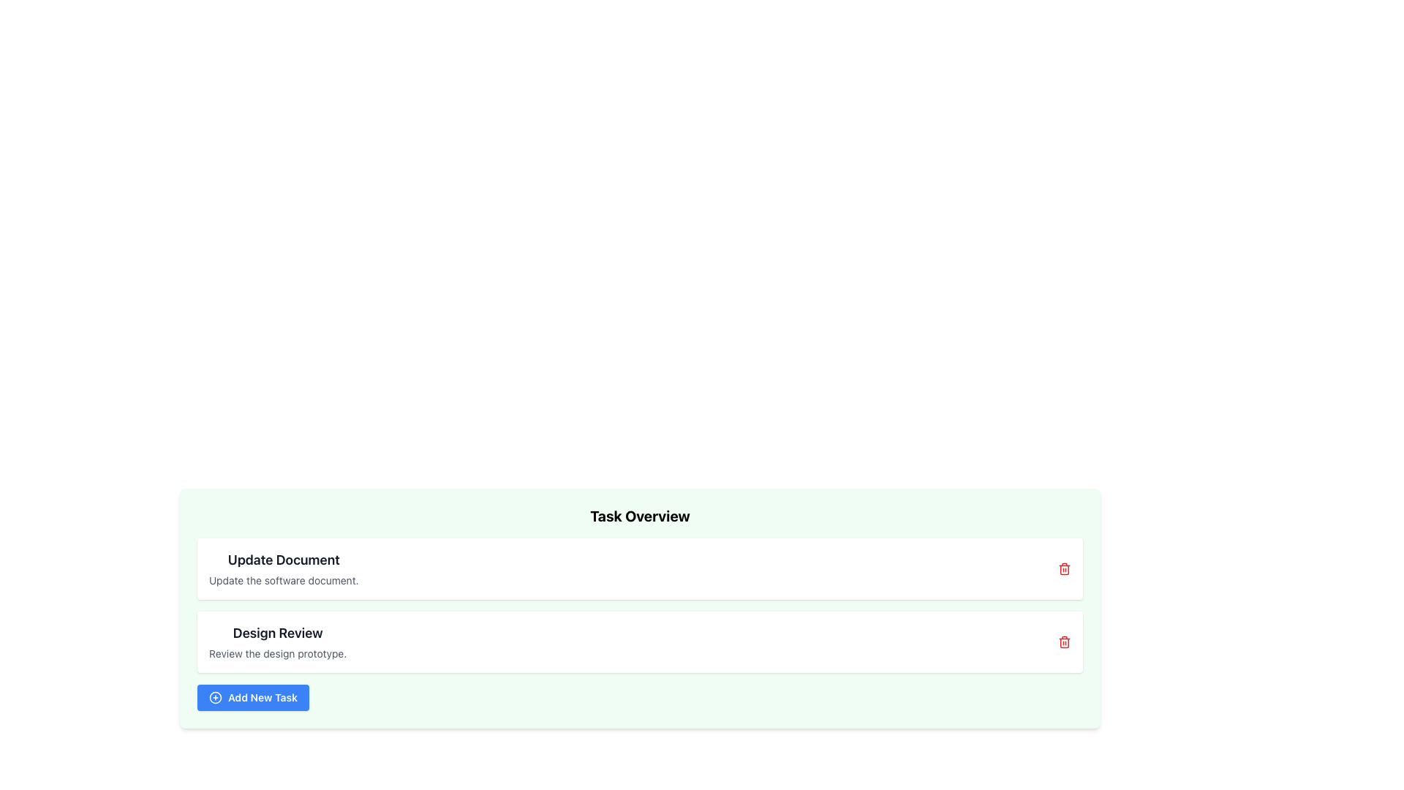 Image resolution: width=1404 pixels, height=790 pixels. I want to click on the blue rectangular button labeled 'Add New Task' located at the bottom of the task overview section, so click(253, 696).